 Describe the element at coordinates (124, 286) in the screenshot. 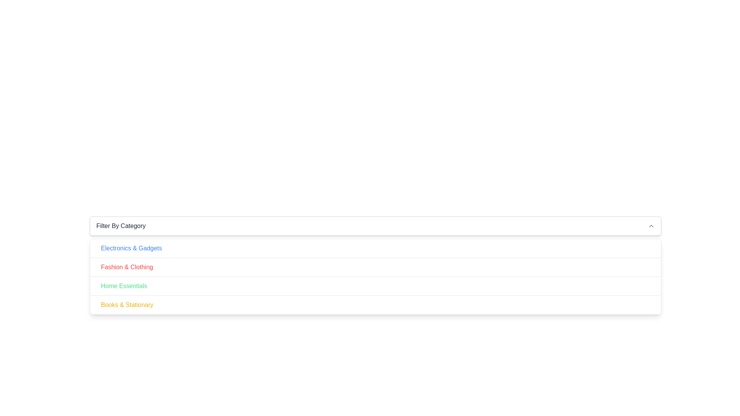

I see `the 'Home Essentials' category label` at that location.